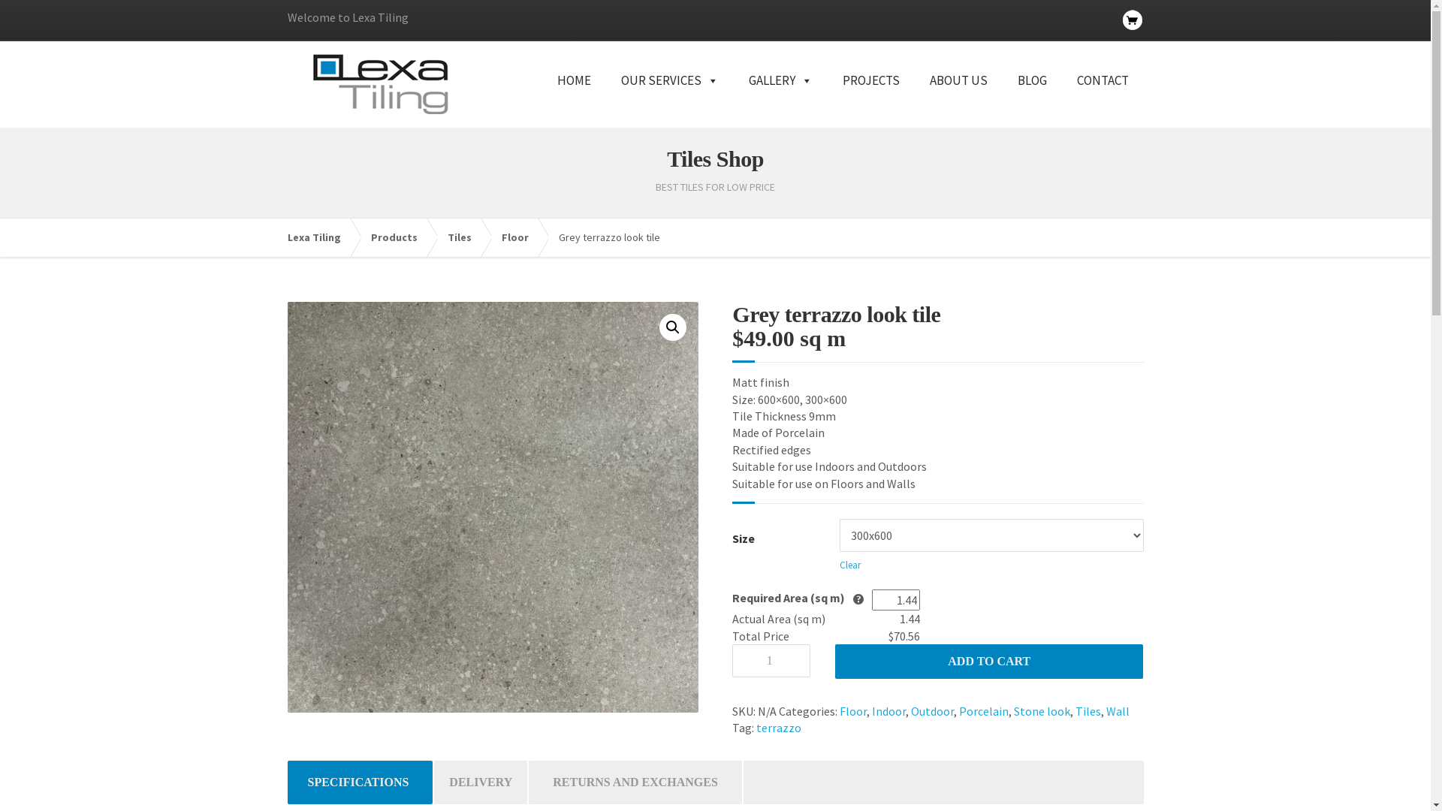 Image resolution: width=1442 pixels, height=811 pixels. What do you see at coordinates (872, 710) in the screenshot?
I see `'Indoor'` at bounding box center [872, 710].